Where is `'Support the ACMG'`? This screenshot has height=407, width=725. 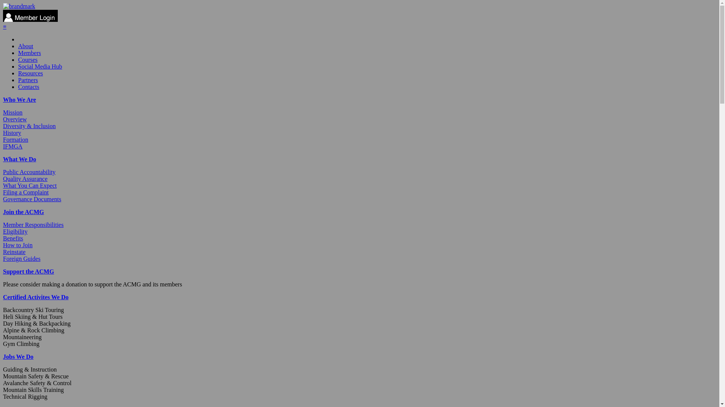 'Support the ACMG' is located at coordinates (28, 271).